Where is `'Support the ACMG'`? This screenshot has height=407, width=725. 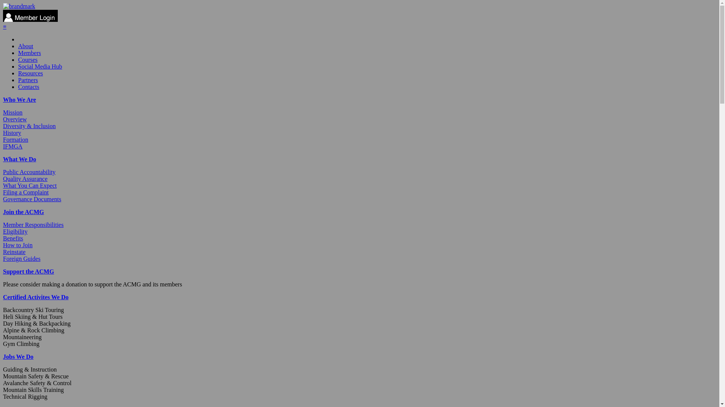 'Support the ACMG' is located at coordinates (28, 271).